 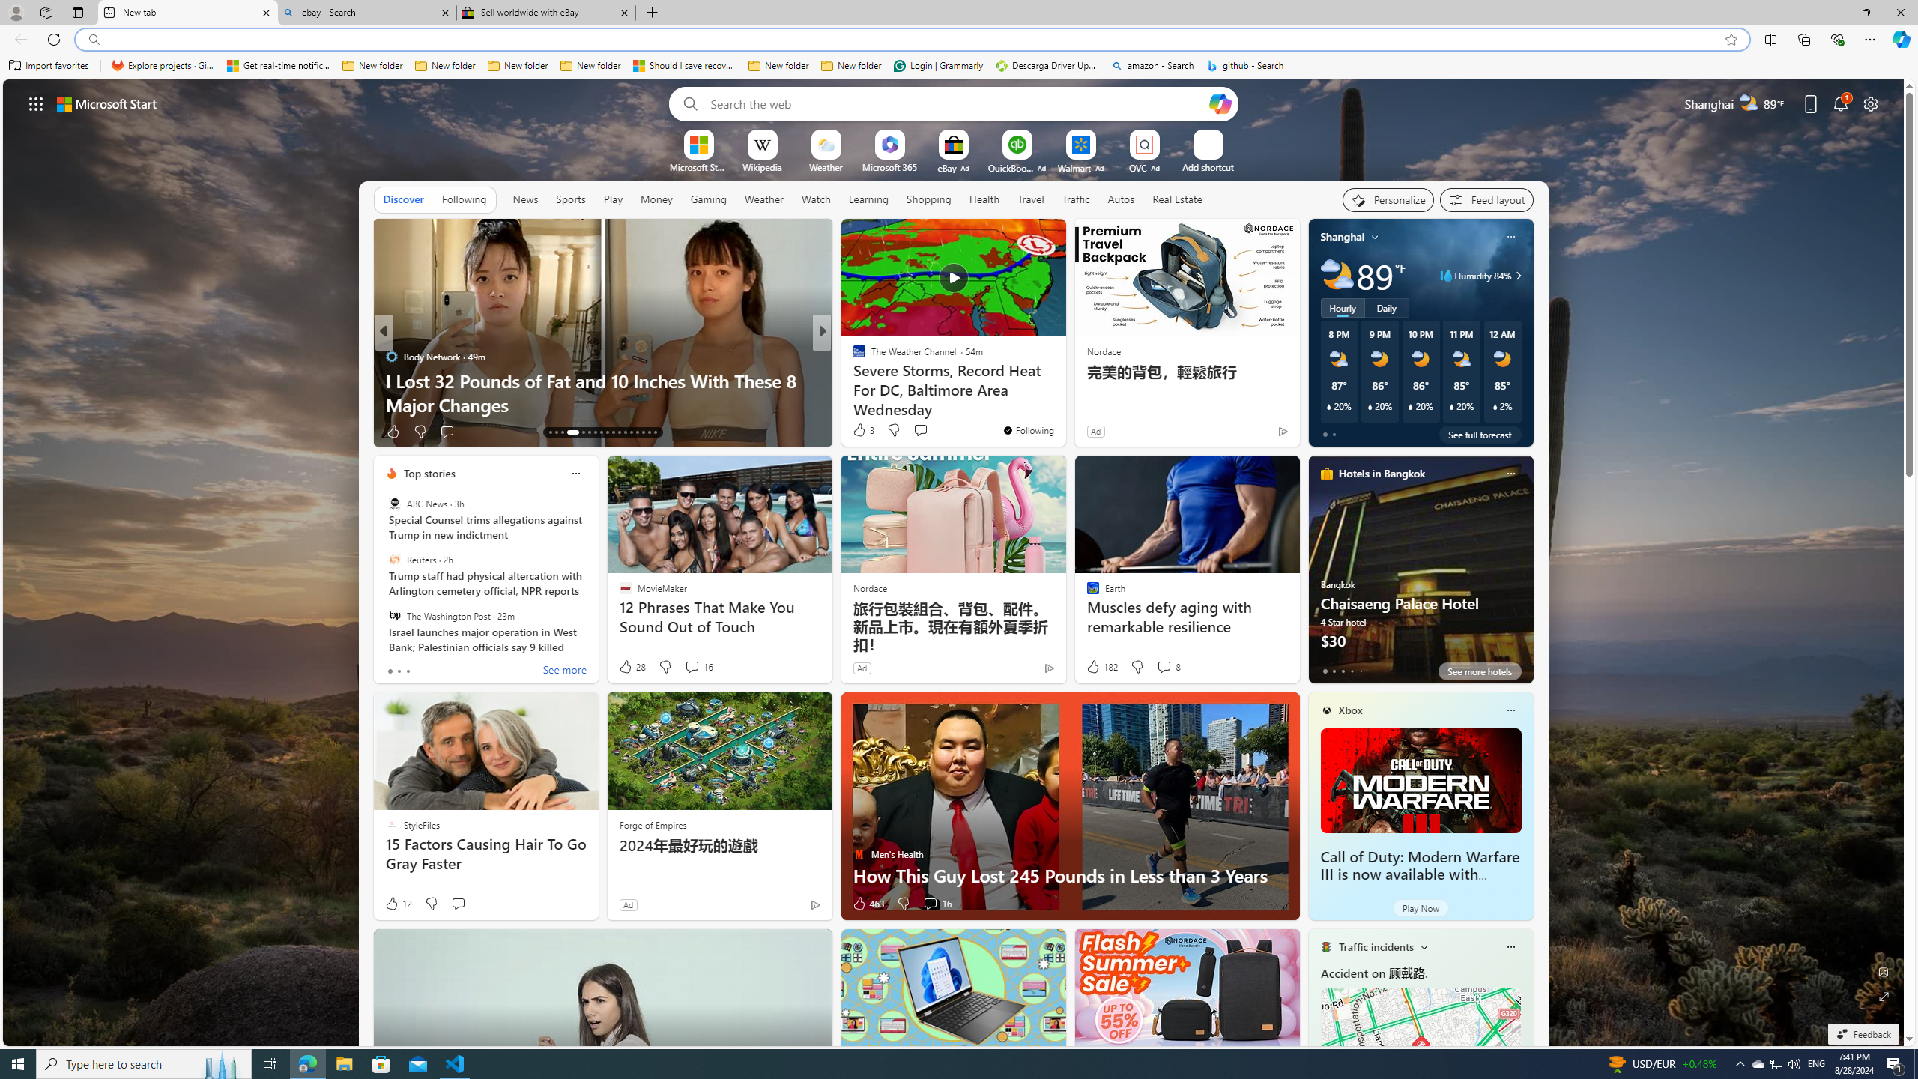 I want to click on 'Real Estate', so click(x=1176, y=199).